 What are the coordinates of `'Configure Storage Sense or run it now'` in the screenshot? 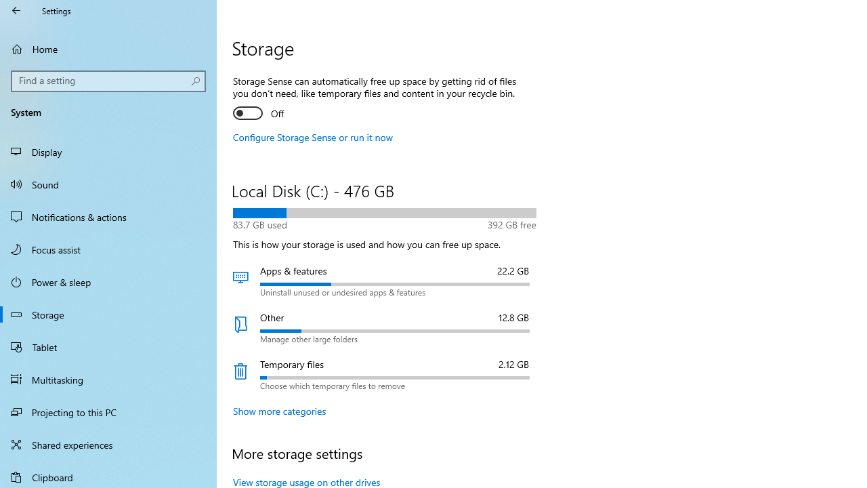 It's located at (312, 137).